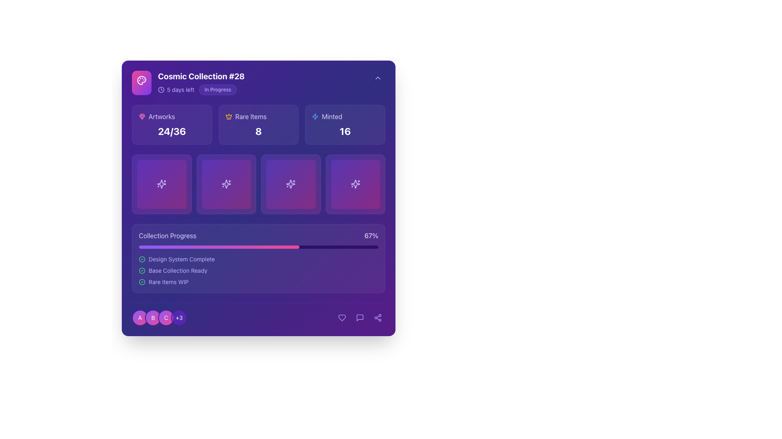  What do you see at coordinates (226, 184) in the screenshot?
I see `the second selectable card element in the middle section of the interface` at bounding box center [226, 184].